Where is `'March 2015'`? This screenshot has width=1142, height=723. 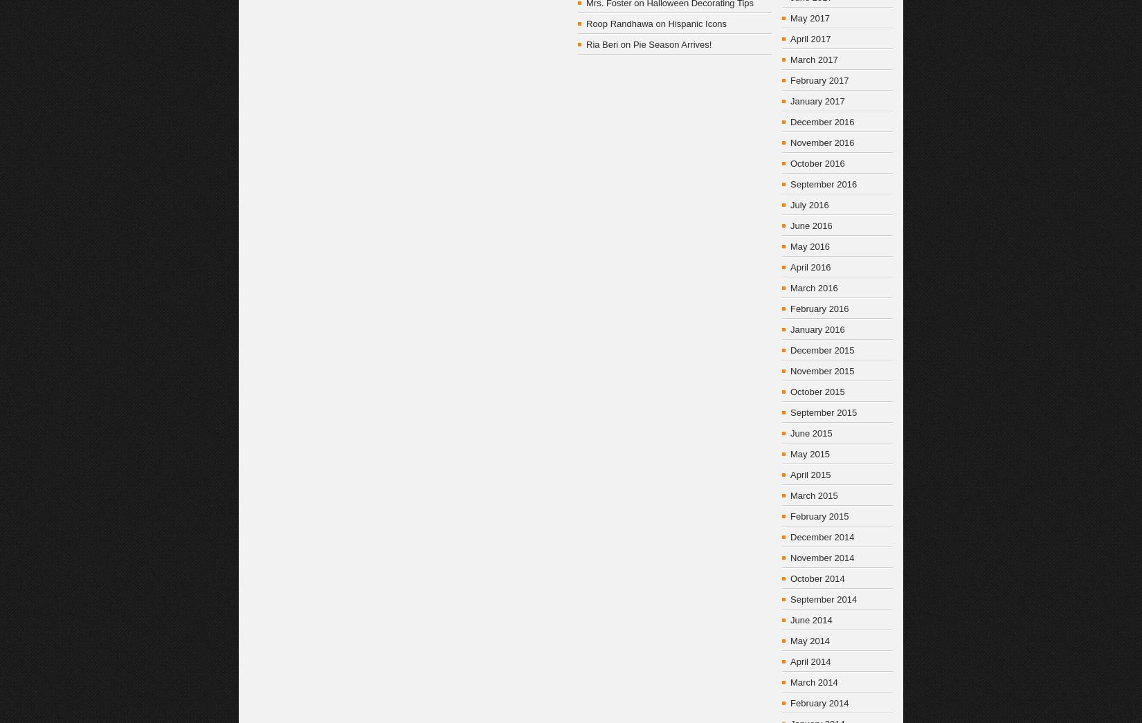
'March 2015' is located at coordinates (813, 495).